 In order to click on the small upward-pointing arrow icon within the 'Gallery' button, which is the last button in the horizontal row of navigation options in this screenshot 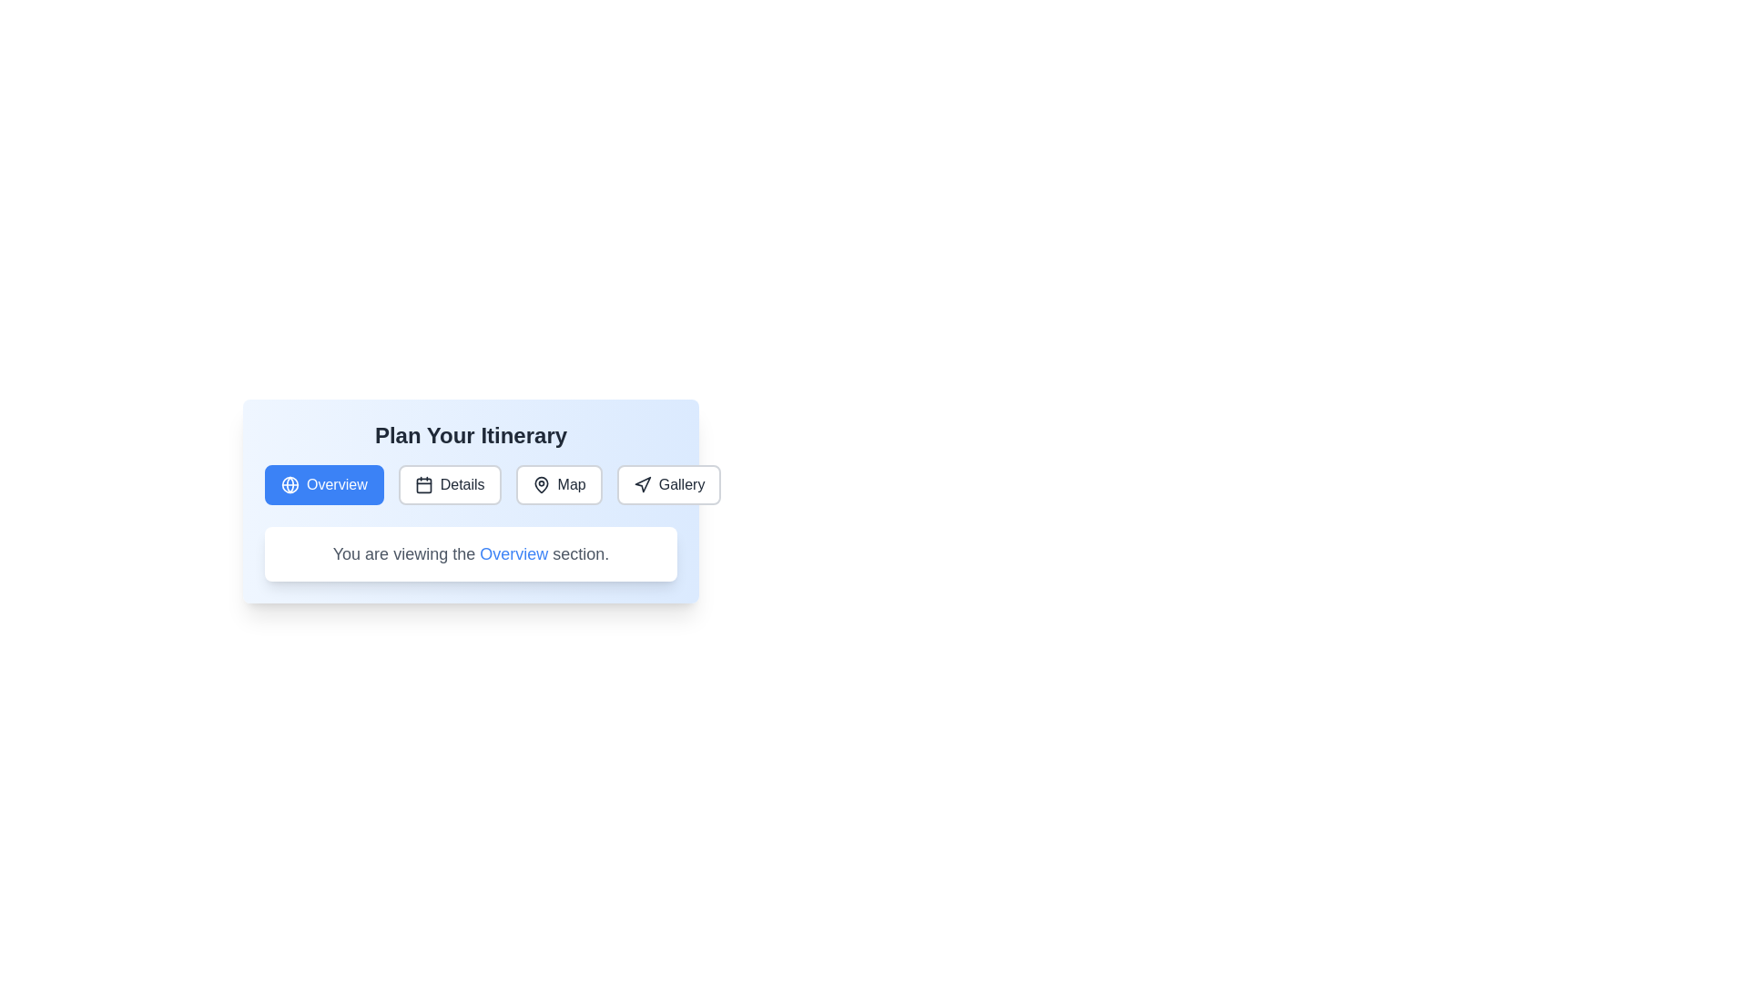, I will do `click(643, 483)`.